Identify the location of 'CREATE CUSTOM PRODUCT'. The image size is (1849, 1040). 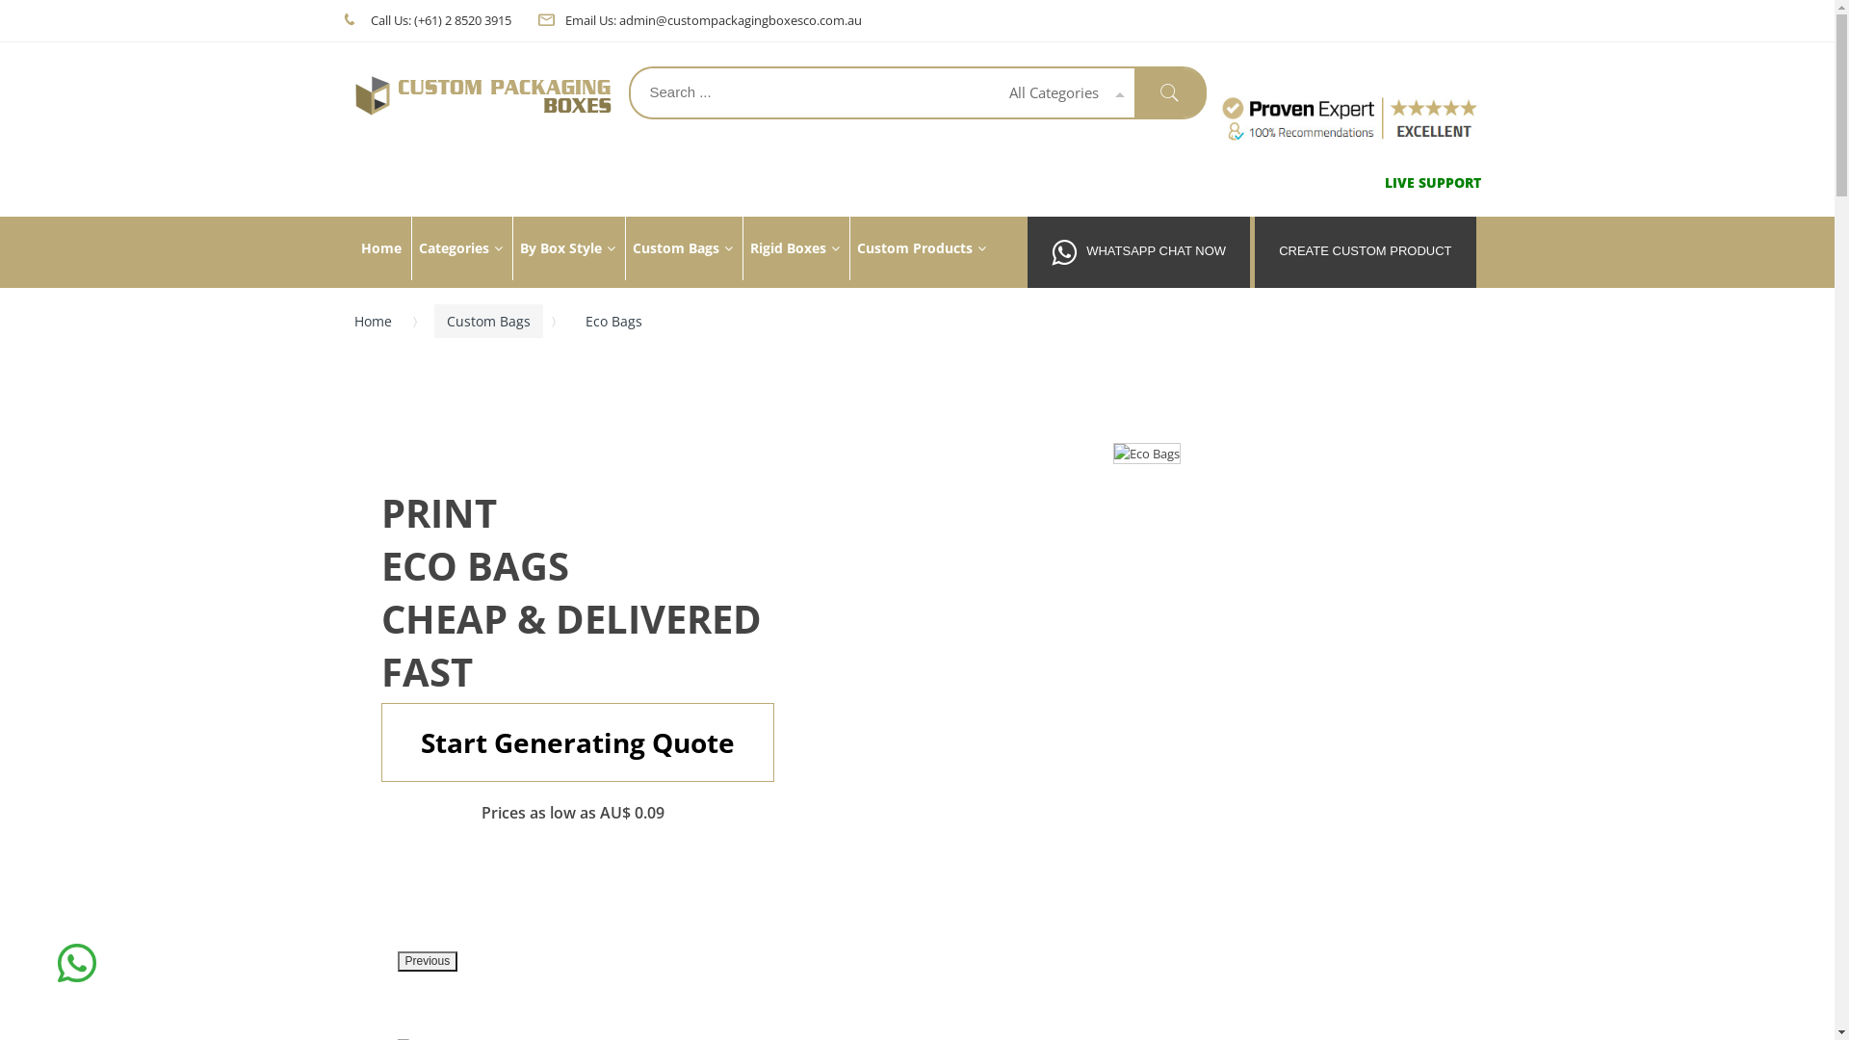
(1364, 251).